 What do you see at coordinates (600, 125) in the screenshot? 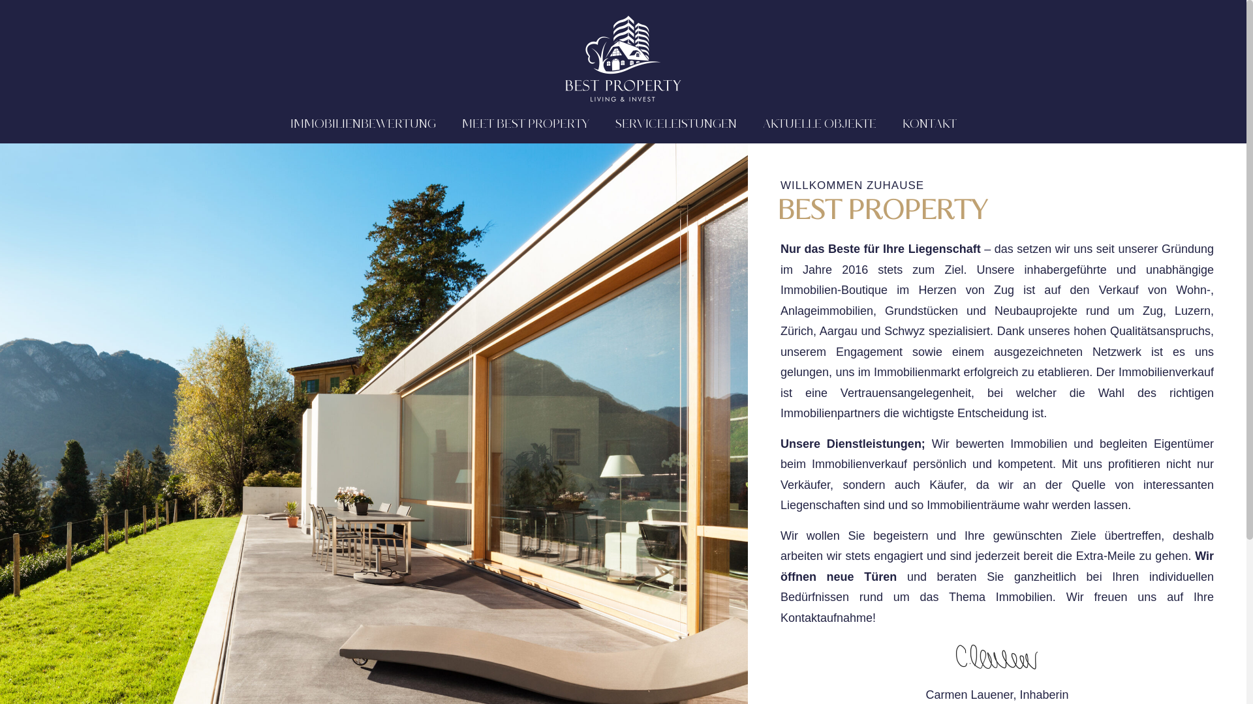
I see `'SERVICELEISTUNGEN'` at bounding box center [600, 125].